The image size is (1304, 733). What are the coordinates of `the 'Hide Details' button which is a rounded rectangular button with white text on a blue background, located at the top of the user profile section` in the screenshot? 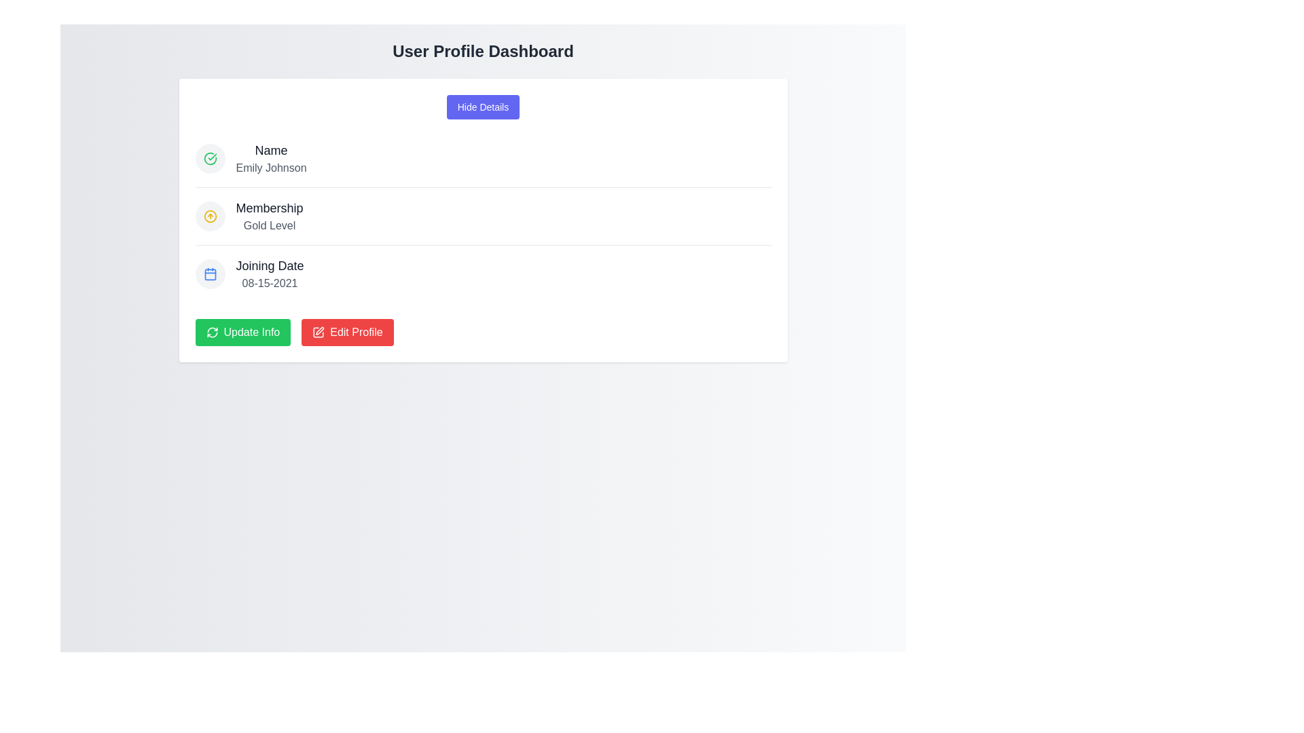 It's located at (483, 107).